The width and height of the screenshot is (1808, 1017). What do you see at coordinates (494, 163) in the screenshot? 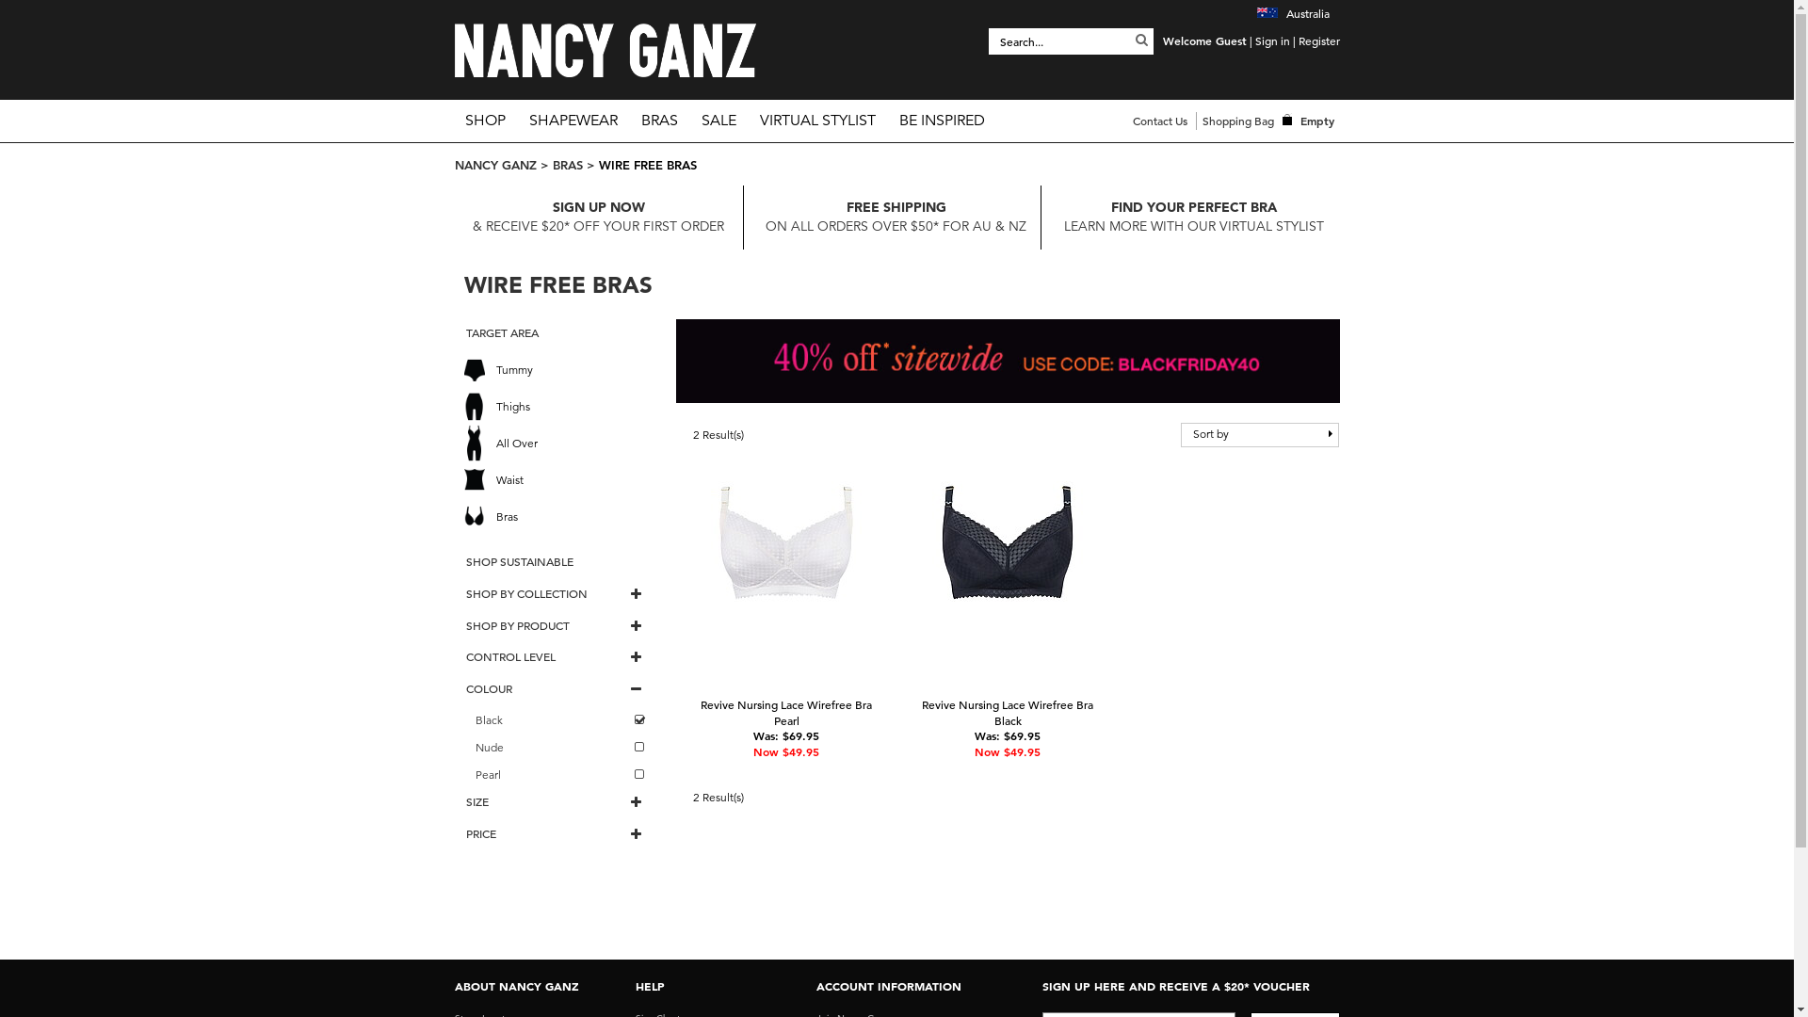
I see `'NANCY GANZ'` at bounding box center [494, 163].